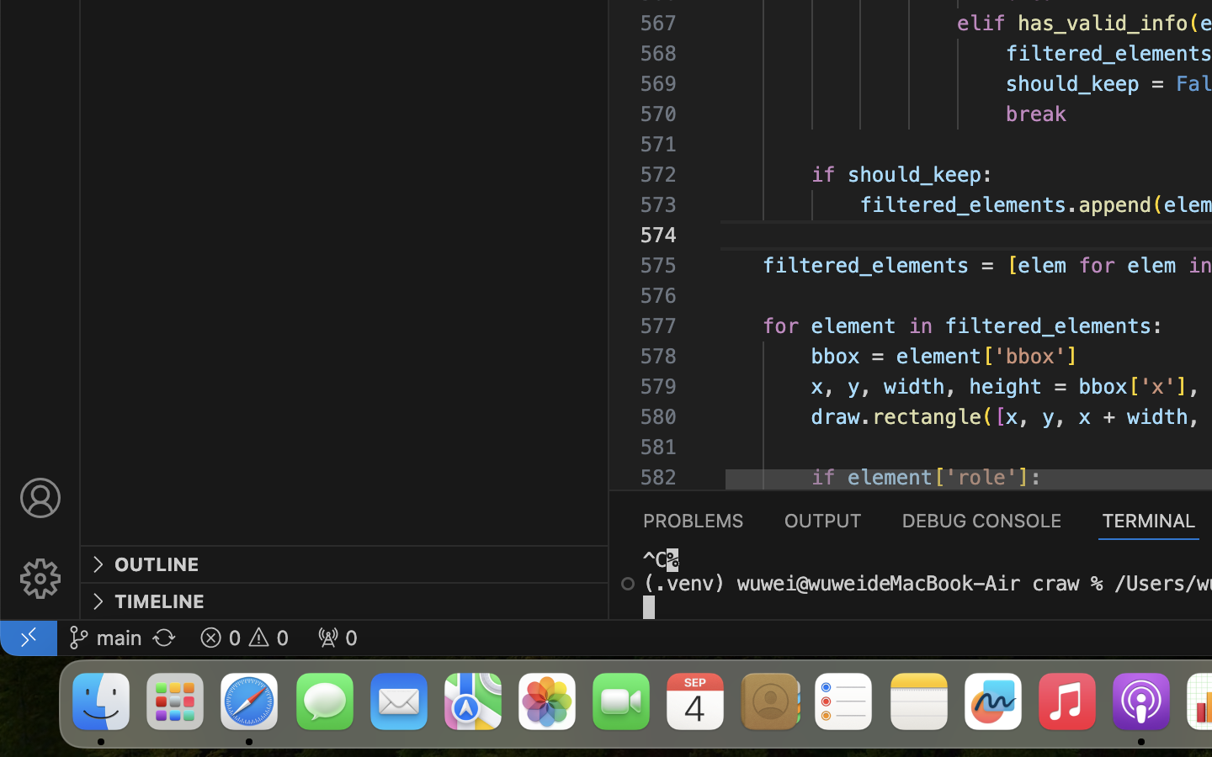 The image size is (1212, 757). I want to click on 'TIMELINE', so click(159, 600).